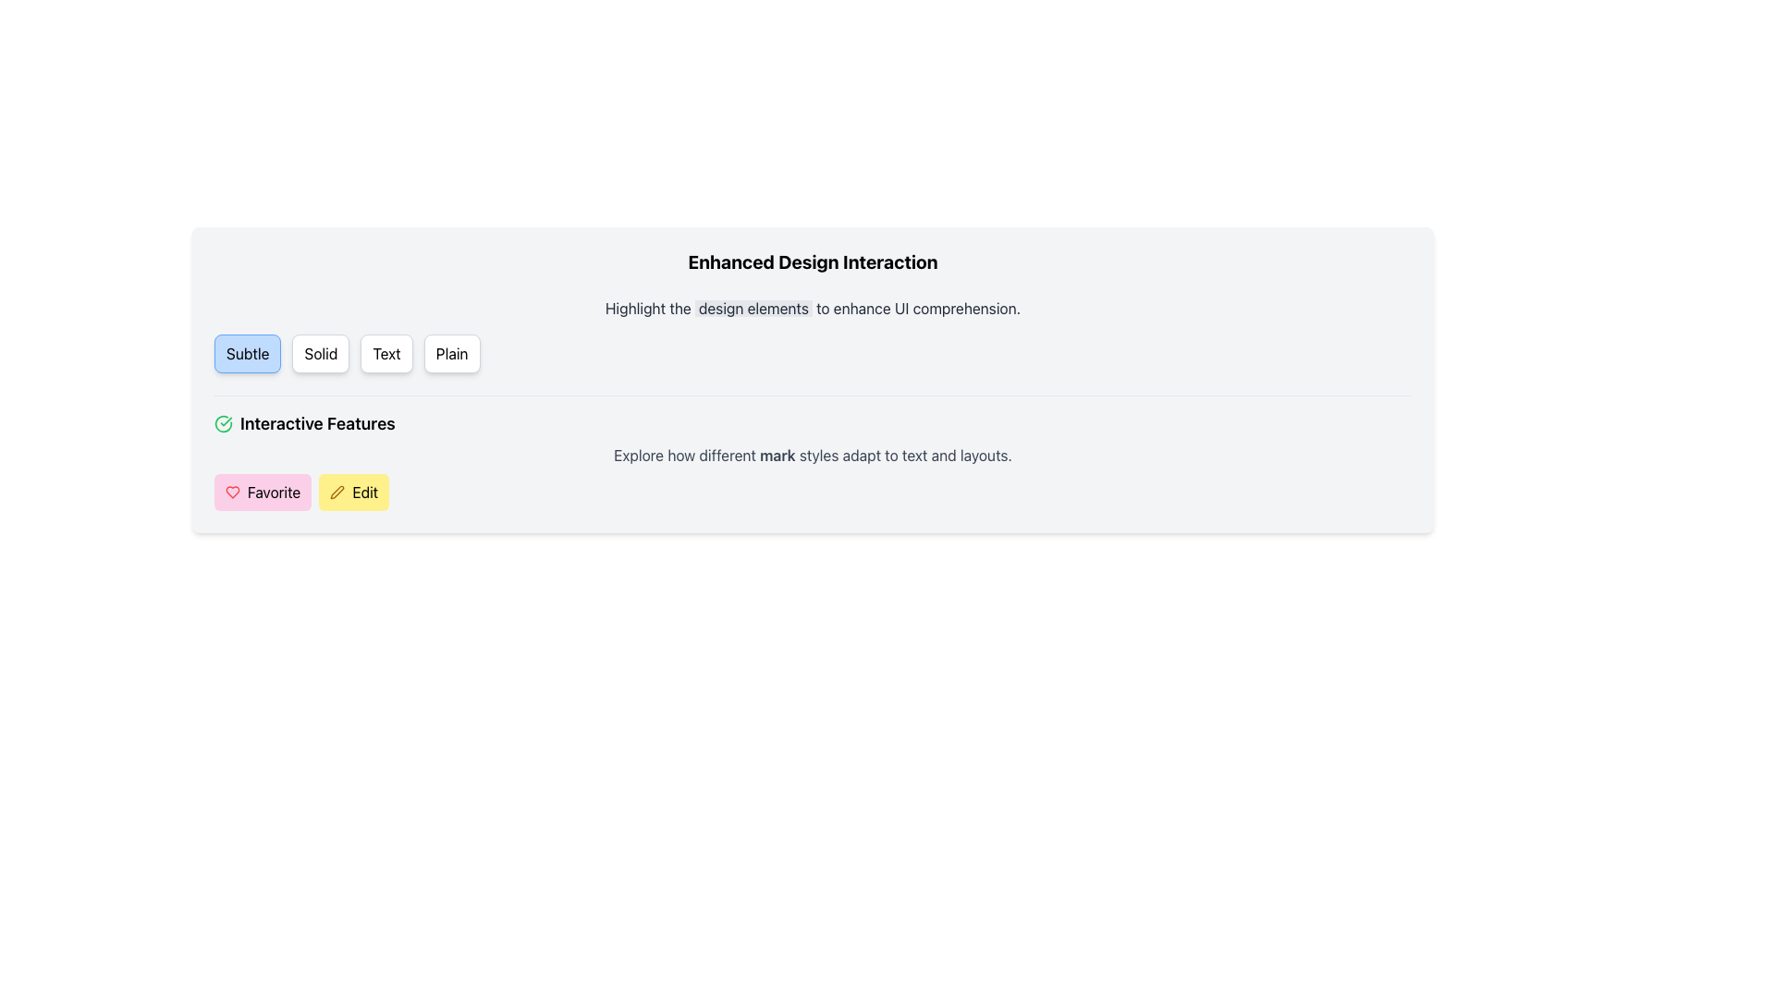  Describe the element at coordinates (354, 491) in the screenshot. I see `the rectangular button with a yellow background labeled 'Edit'` at that location.